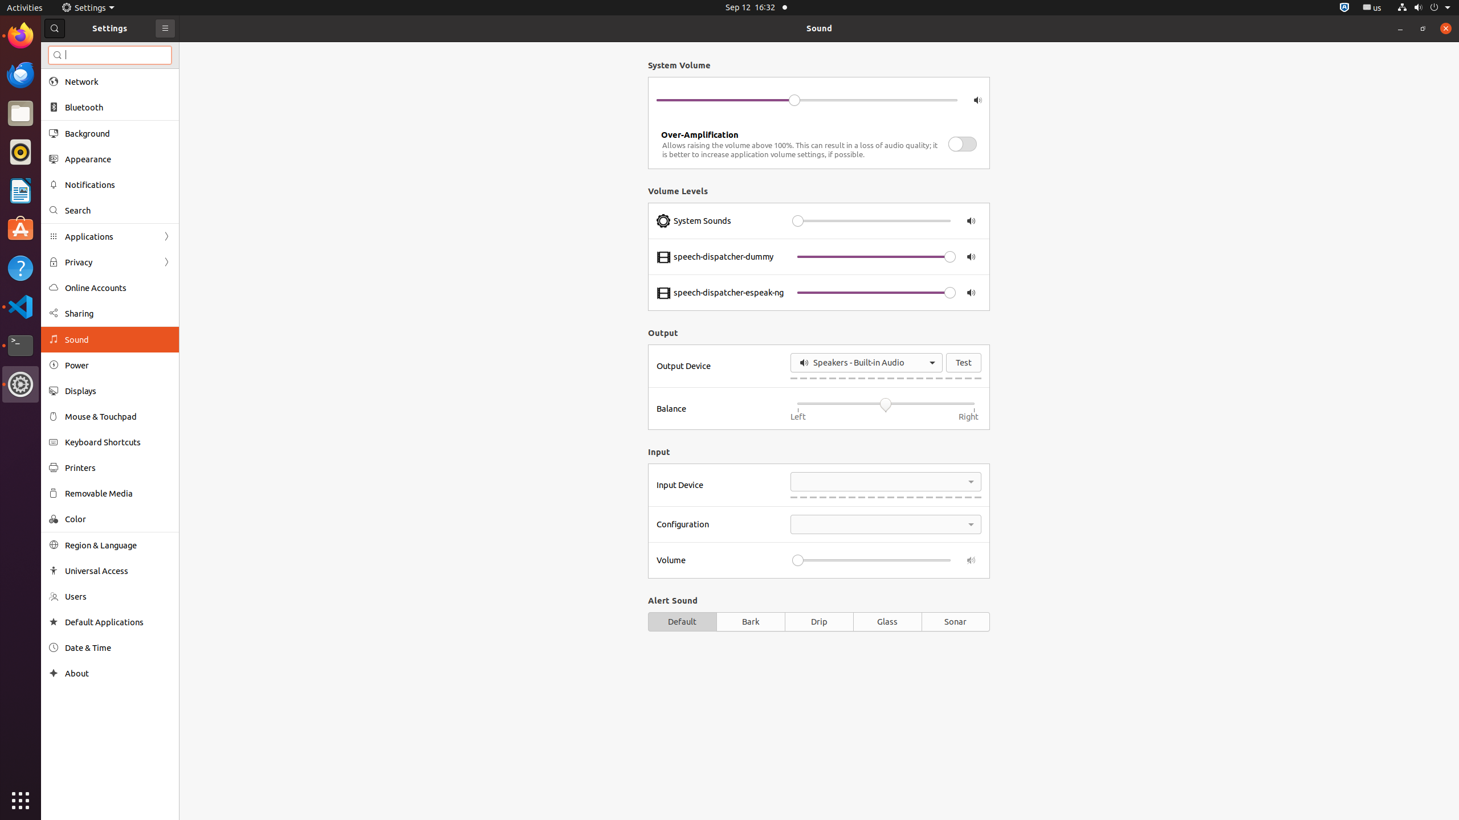  Describe the element at coordinates (118, 545) in the screenshot. I see `'Region & Language'` at that location.